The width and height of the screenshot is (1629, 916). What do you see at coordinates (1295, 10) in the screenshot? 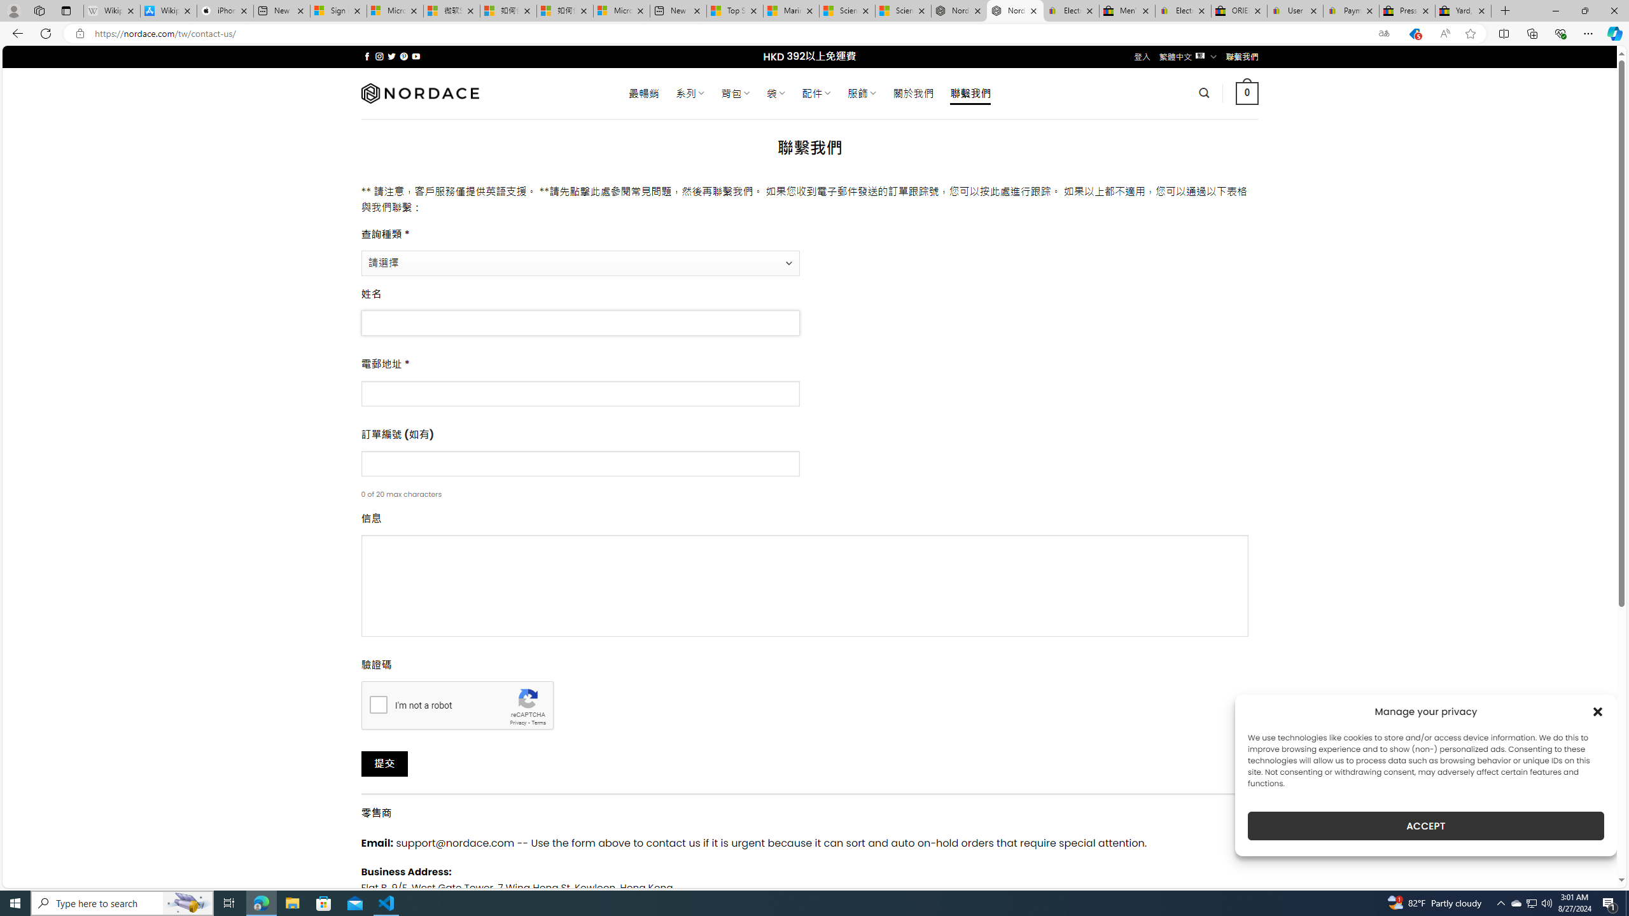
I see `'User Privacy Notice | eBay'` at bounding box center [1295, 10].